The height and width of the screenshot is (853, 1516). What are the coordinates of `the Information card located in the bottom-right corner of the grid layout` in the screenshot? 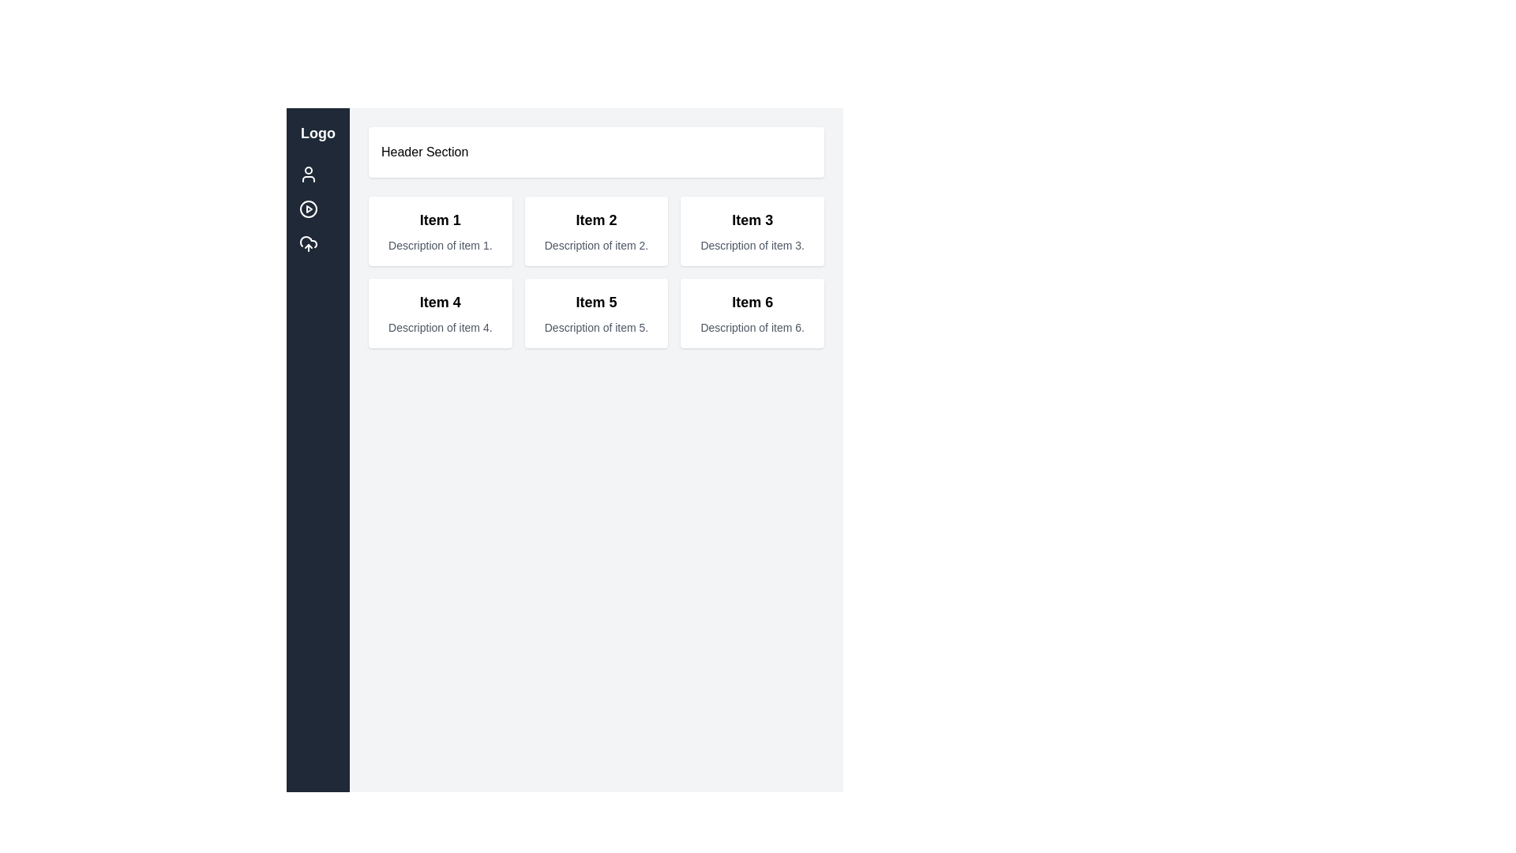 It's located at (752, 314).